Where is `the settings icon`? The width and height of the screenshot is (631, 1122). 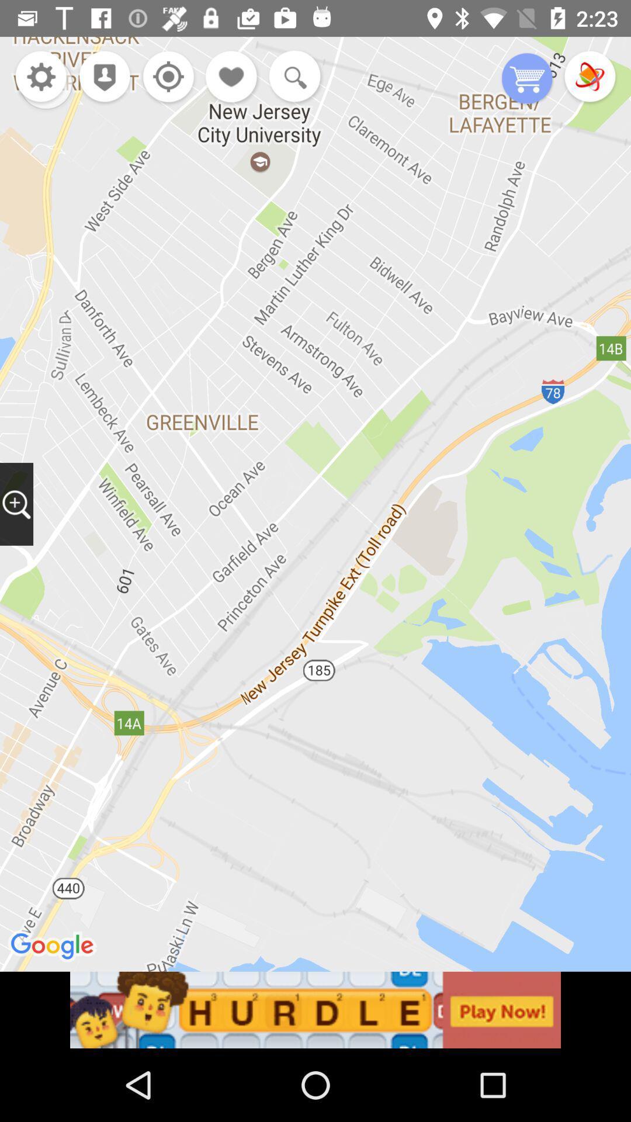 the settings icon is located at coordinates (45, 82).